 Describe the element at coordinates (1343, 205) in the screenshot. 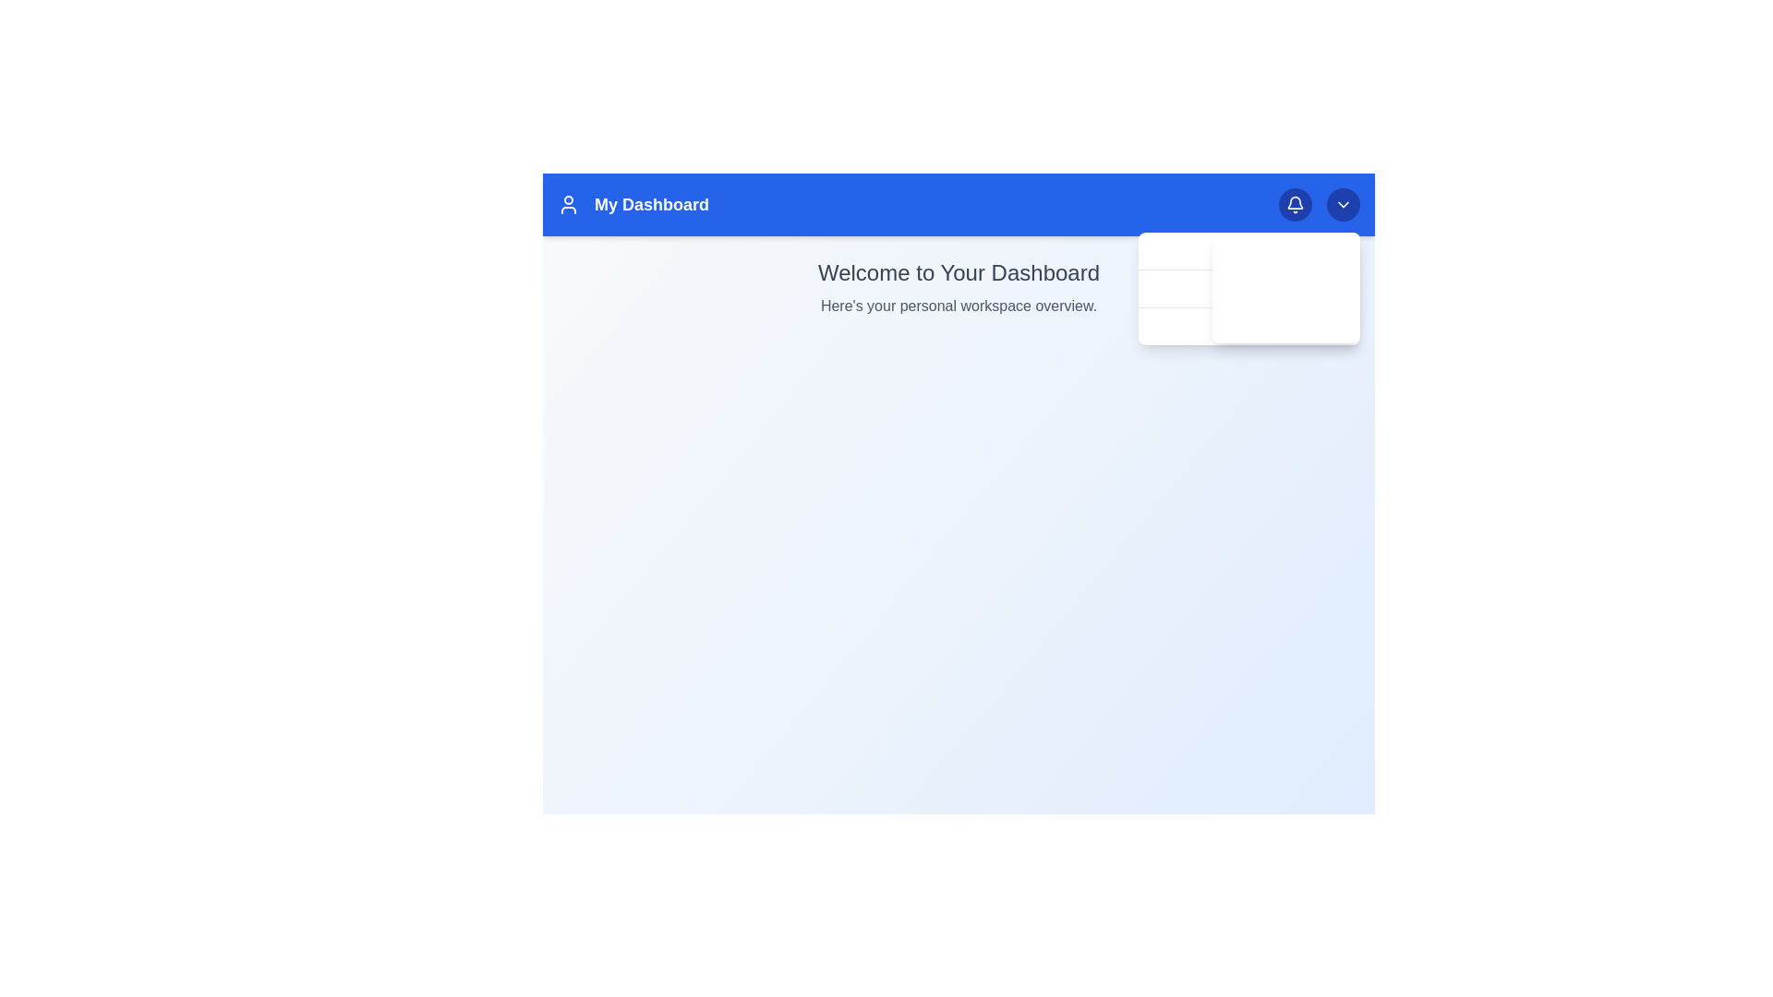

I see `the toggle button located in the top-right corner of the header section` at that location.